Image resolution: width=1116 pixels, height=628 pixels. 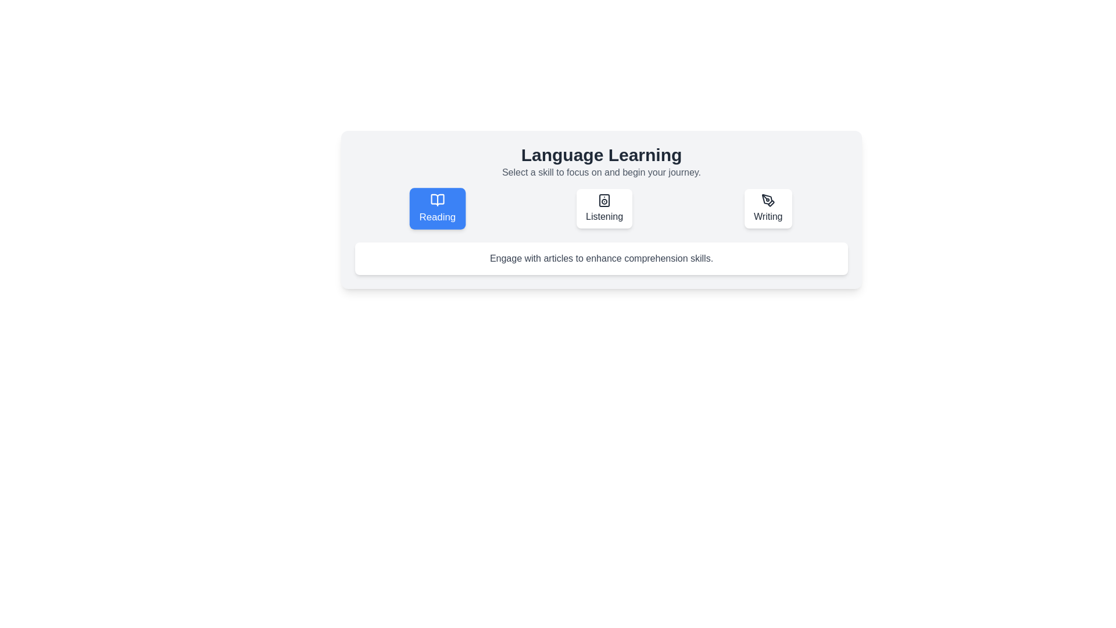 I want to click on the square button with rounded corners that has a dark gray pen icon and the text 'Writing', so click(x=768, y=208).